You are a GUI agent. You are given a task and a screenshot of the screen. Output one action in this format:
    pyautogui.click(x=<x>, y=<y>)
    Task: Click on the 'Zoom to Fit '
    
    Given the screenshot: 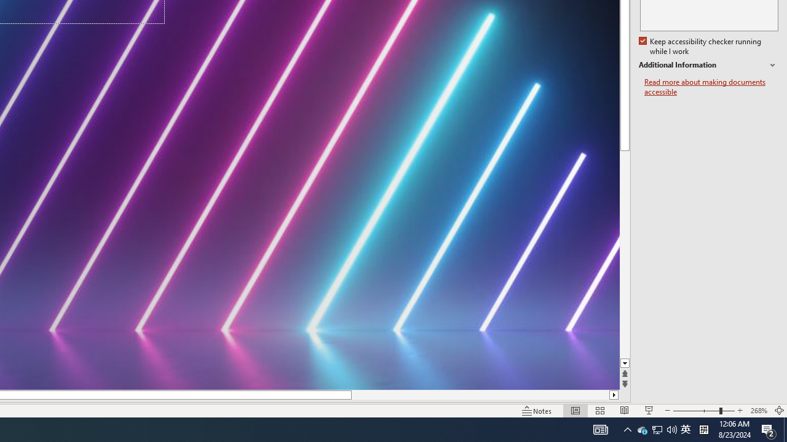 What is the action you would take?
    pyautogui.click(x=778, y=411)
    